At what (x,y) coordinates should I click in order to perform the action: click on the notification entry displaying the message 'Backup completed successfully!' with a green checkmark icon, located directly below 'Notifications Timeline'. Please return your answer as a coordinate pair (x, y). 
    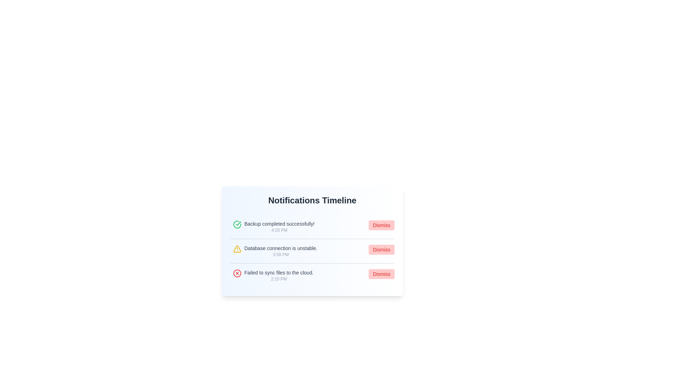
    Looking at the image, I should click on (272, 226).